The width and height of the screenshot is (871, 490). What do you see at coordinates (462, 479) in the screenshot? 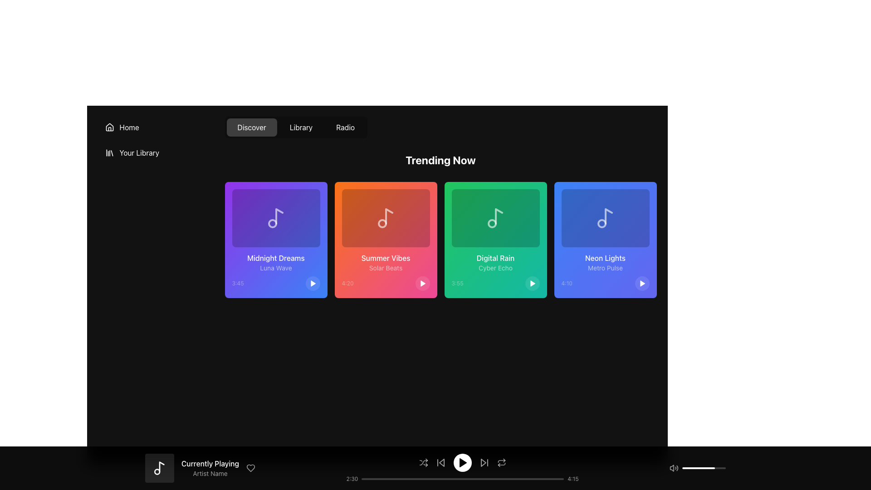
I see `the progress bar located at the bottom center of the interface to seek through the media` at bounding box center [462, 479].